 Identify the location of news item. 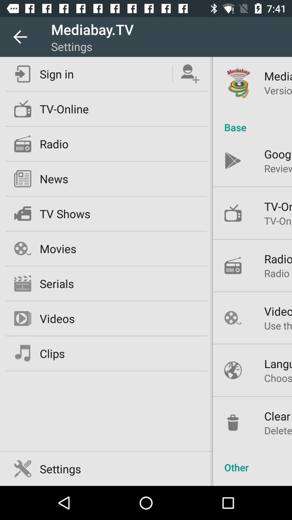
(54, 179).